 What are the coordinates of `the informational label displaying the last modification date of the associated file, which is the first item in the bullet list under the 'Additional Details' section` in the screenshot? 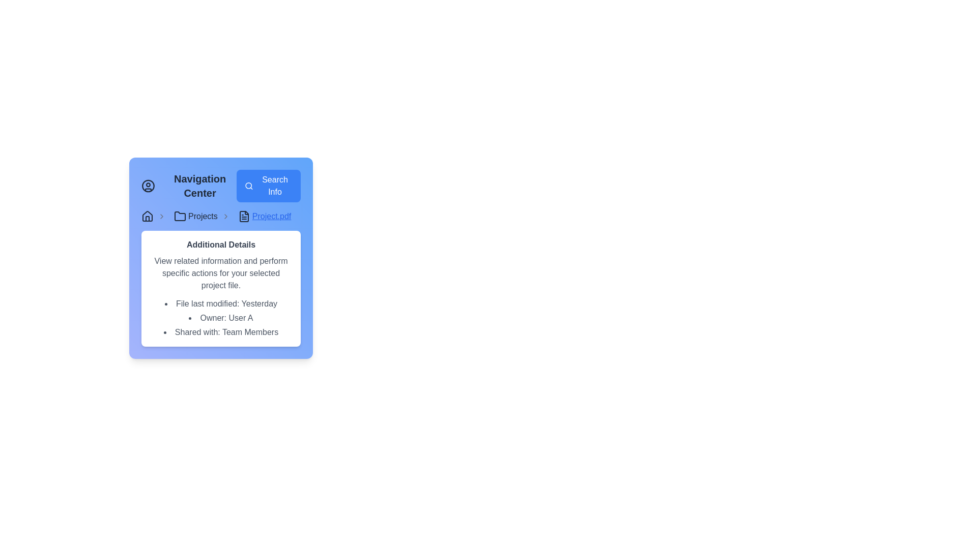 It's located at (220, 303).